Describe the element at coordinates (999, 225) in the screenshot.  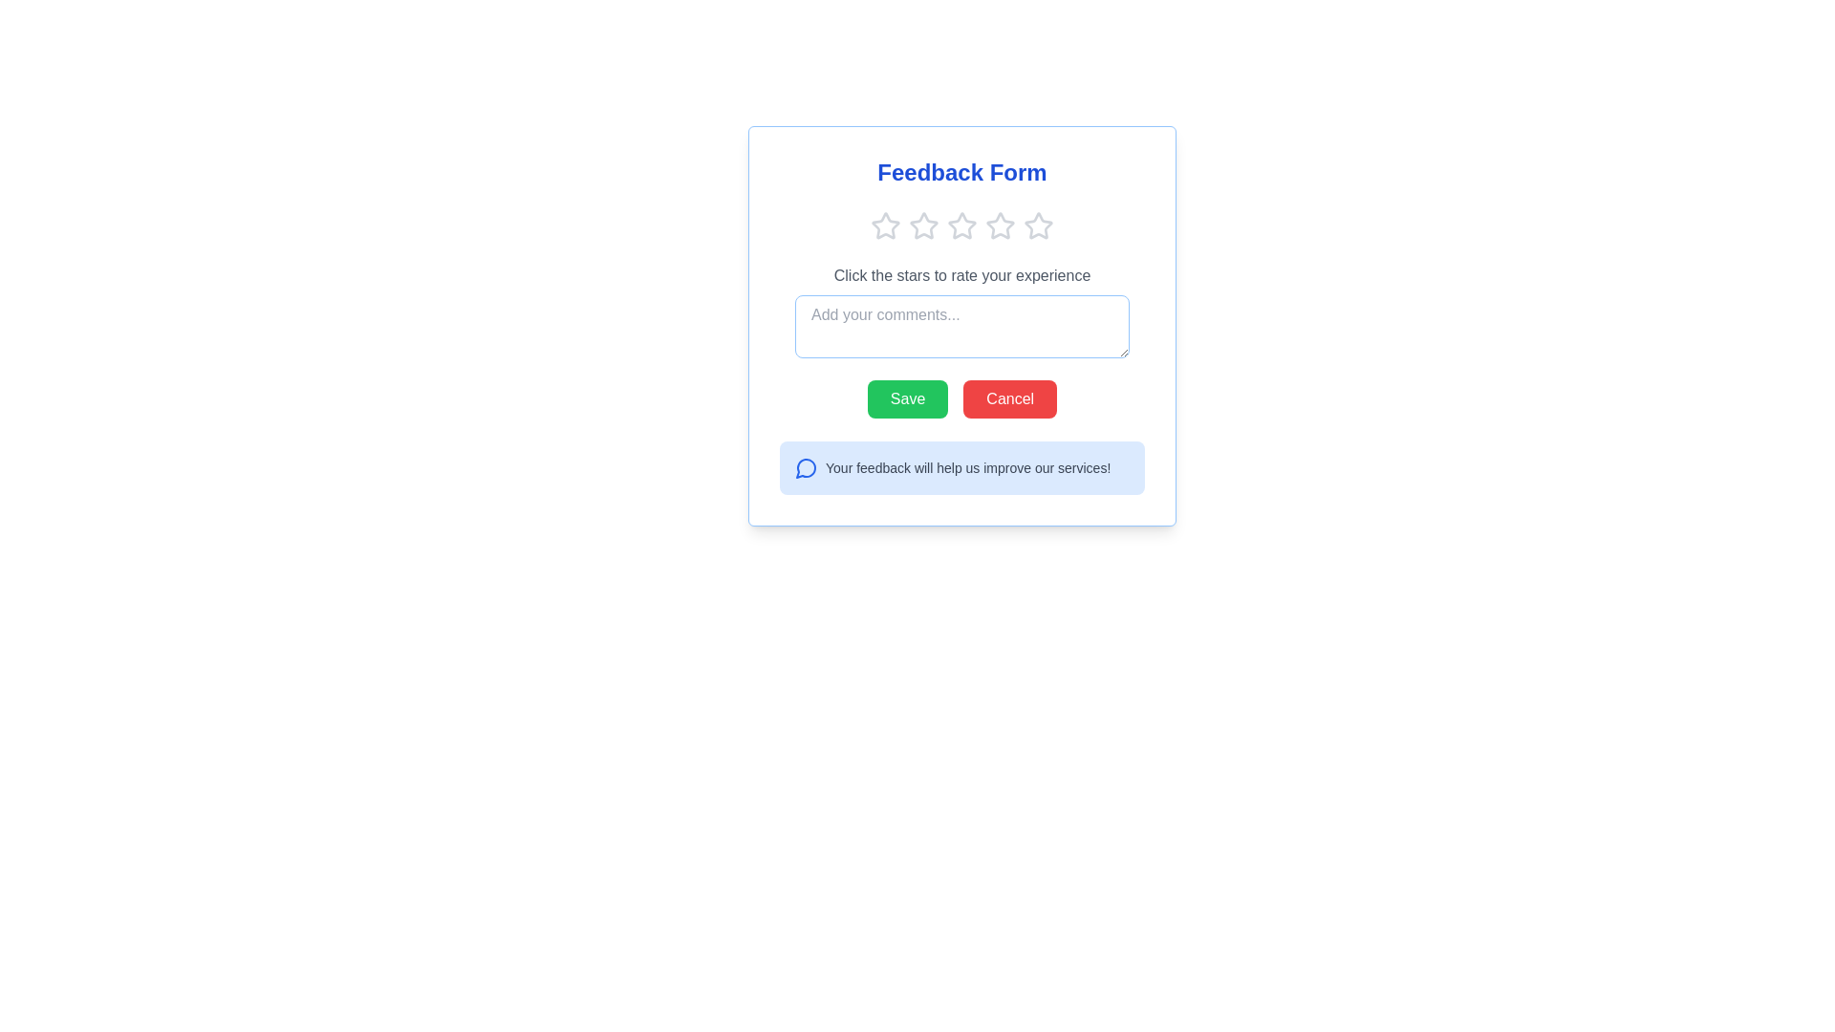
I see `the seventh star in the rating system for user feedback by moving the cursor to its center` at that location.